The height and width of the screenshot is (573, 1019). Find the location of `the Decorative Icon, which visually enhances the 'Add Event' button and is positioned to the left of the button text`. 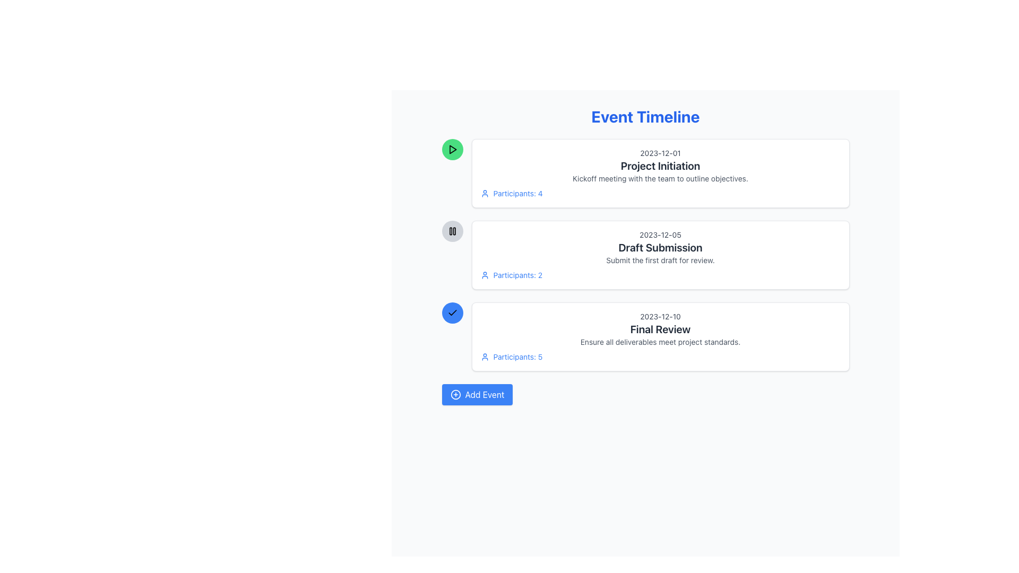

the Decorative Icon, which visually enhances the 'Add Event' button and is positioned to the left of the button text is located at coordinates (455, 395).